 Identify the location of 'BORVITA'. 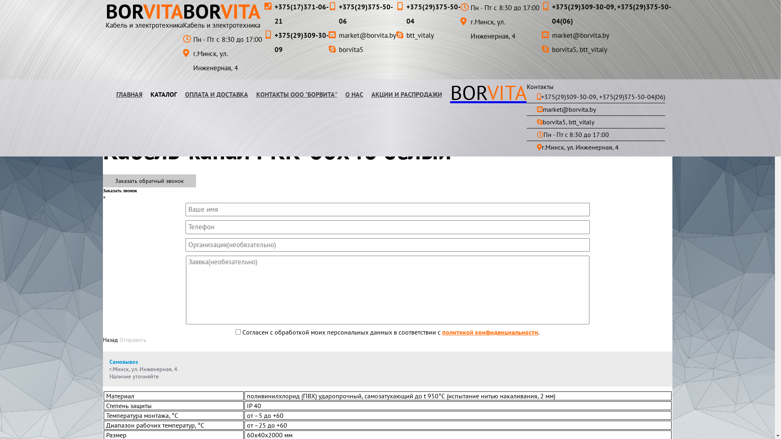
(488, 92).